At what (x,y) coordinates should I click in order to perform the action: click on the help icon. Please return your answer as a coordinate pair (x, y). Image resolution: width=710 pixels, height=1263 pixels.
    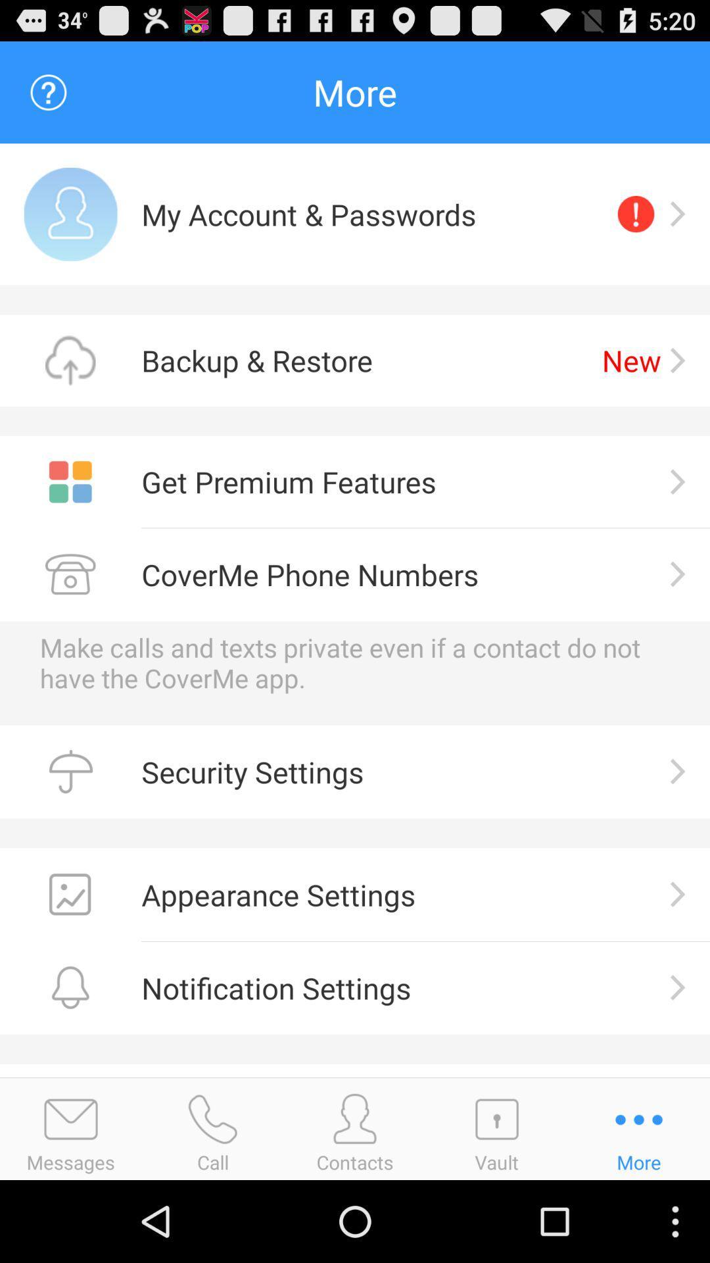
    Looking at the image, I should click on (47, 98).